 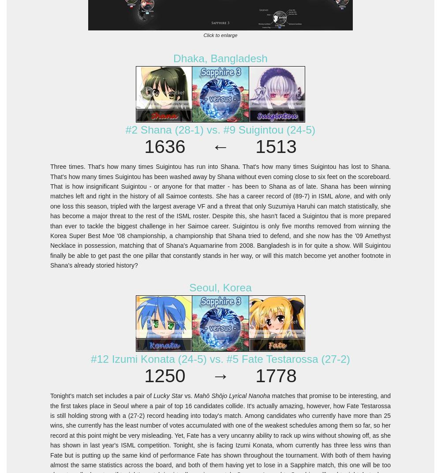 I want to click on ', and with only one loss this season, tripled with the largest average VF and a threat that only Suzumiya Haruhi can match statistically, she has become a major threat to the rest of the ISML roster.  Despite this, she hasn't faced a Suigintou that is more prepared than ever to tackle the biggest challenge in her Saimoe career.  Suigintou is only five months removed from winning the Korea Super Best Moe '08 championship, a championship that Shana tried to defend, and she now has the '09 Amethyst Necklace in possession, matching that of Shana's Aquamarine from 2008.  Bangladesh is in for quite a show.  Will Suigintou finally be able to get past the one pillar that constantly stands in her way, or will this match become yet another footnote in Shana's already storied history?', so click(x=220, y=230).